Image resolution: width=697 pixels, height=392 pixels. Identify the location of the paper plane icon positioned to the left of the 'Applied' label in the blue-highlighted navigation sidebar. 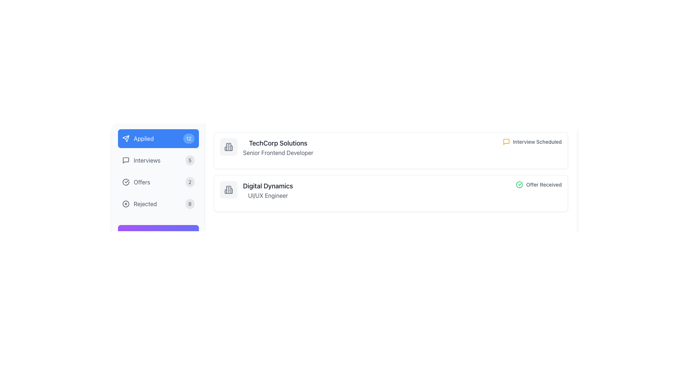
(126, 138).